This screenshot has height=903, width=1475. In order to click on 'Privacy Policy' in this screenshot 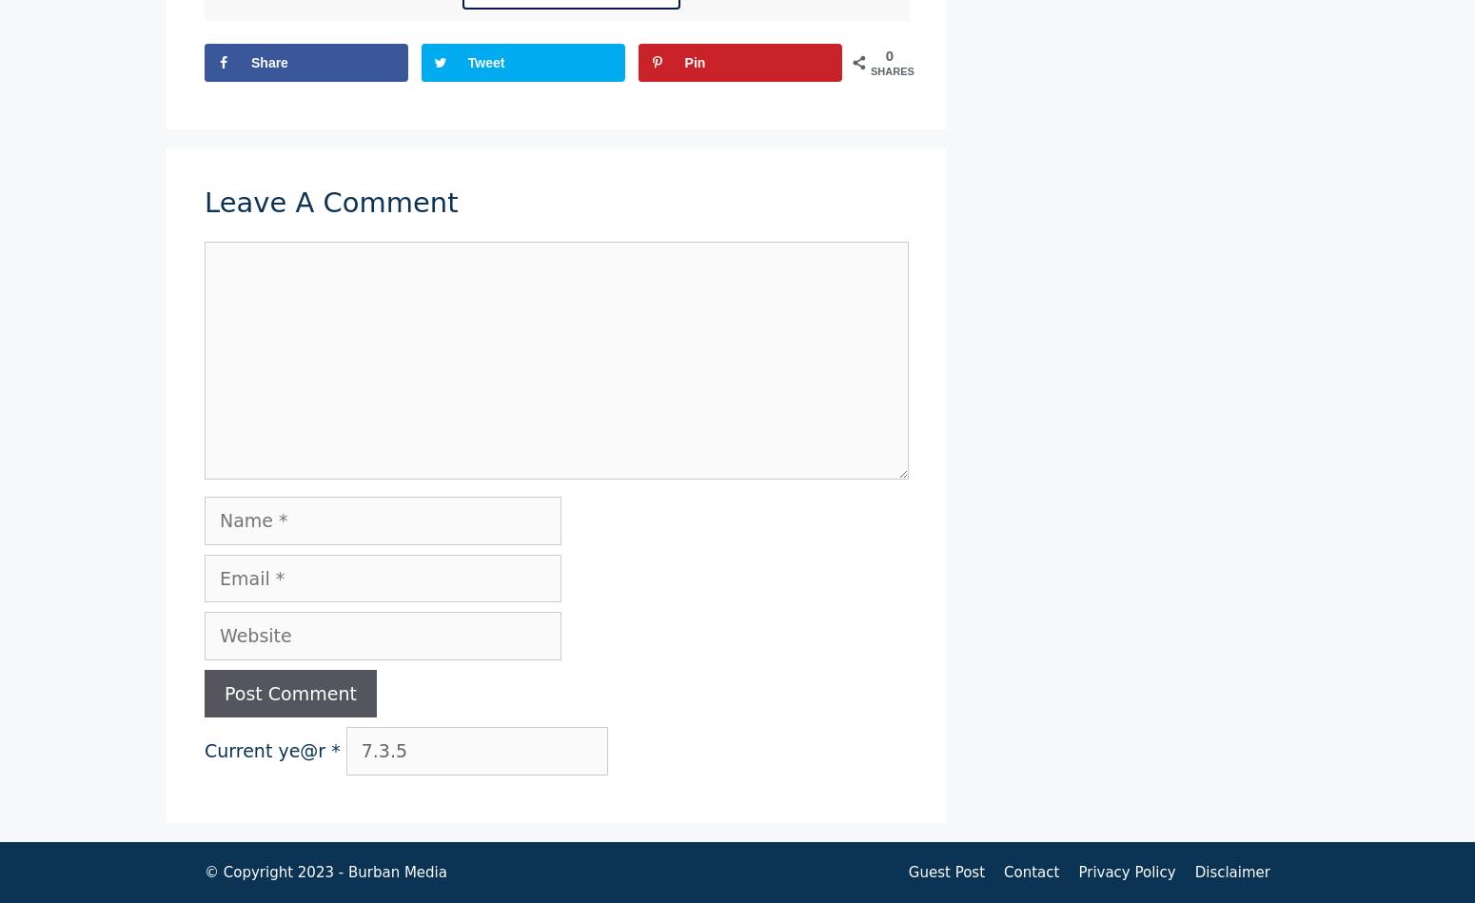, I will do `click(1127, 870)`.